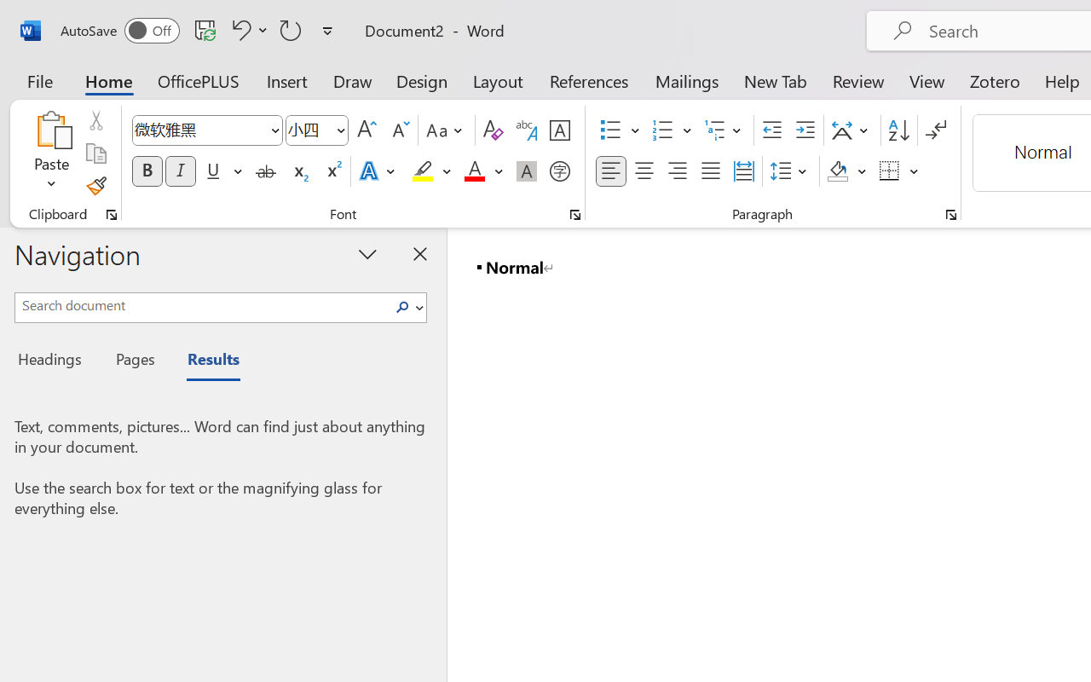 This screenshot has width=1091, height=682. Describe the element at coordinates (205, 29) in the screenshot. I see `'Save'` at that location.